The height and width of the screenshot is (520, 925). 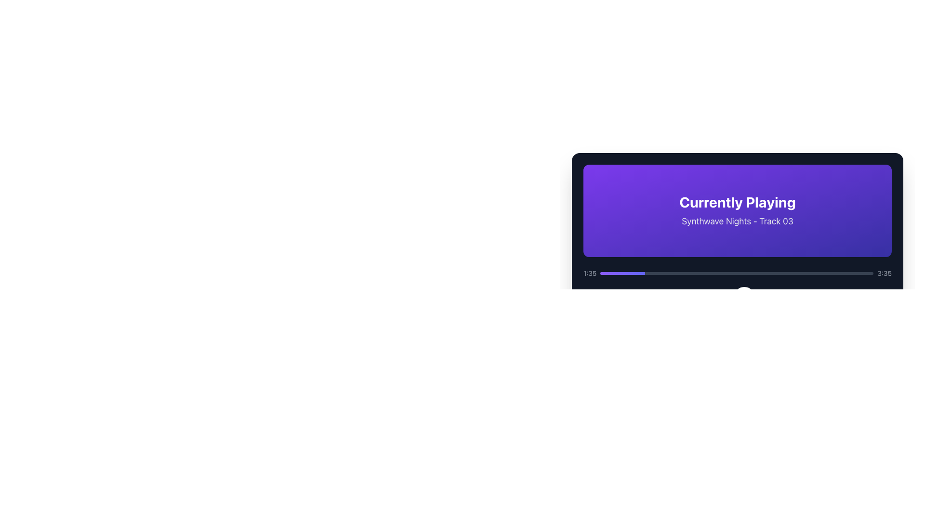 I want to click on displayed elapsed time of the media, which is the text element located at the left end of the progress bar, positioned before the '3:35' text element, so click(x=589, y=273).